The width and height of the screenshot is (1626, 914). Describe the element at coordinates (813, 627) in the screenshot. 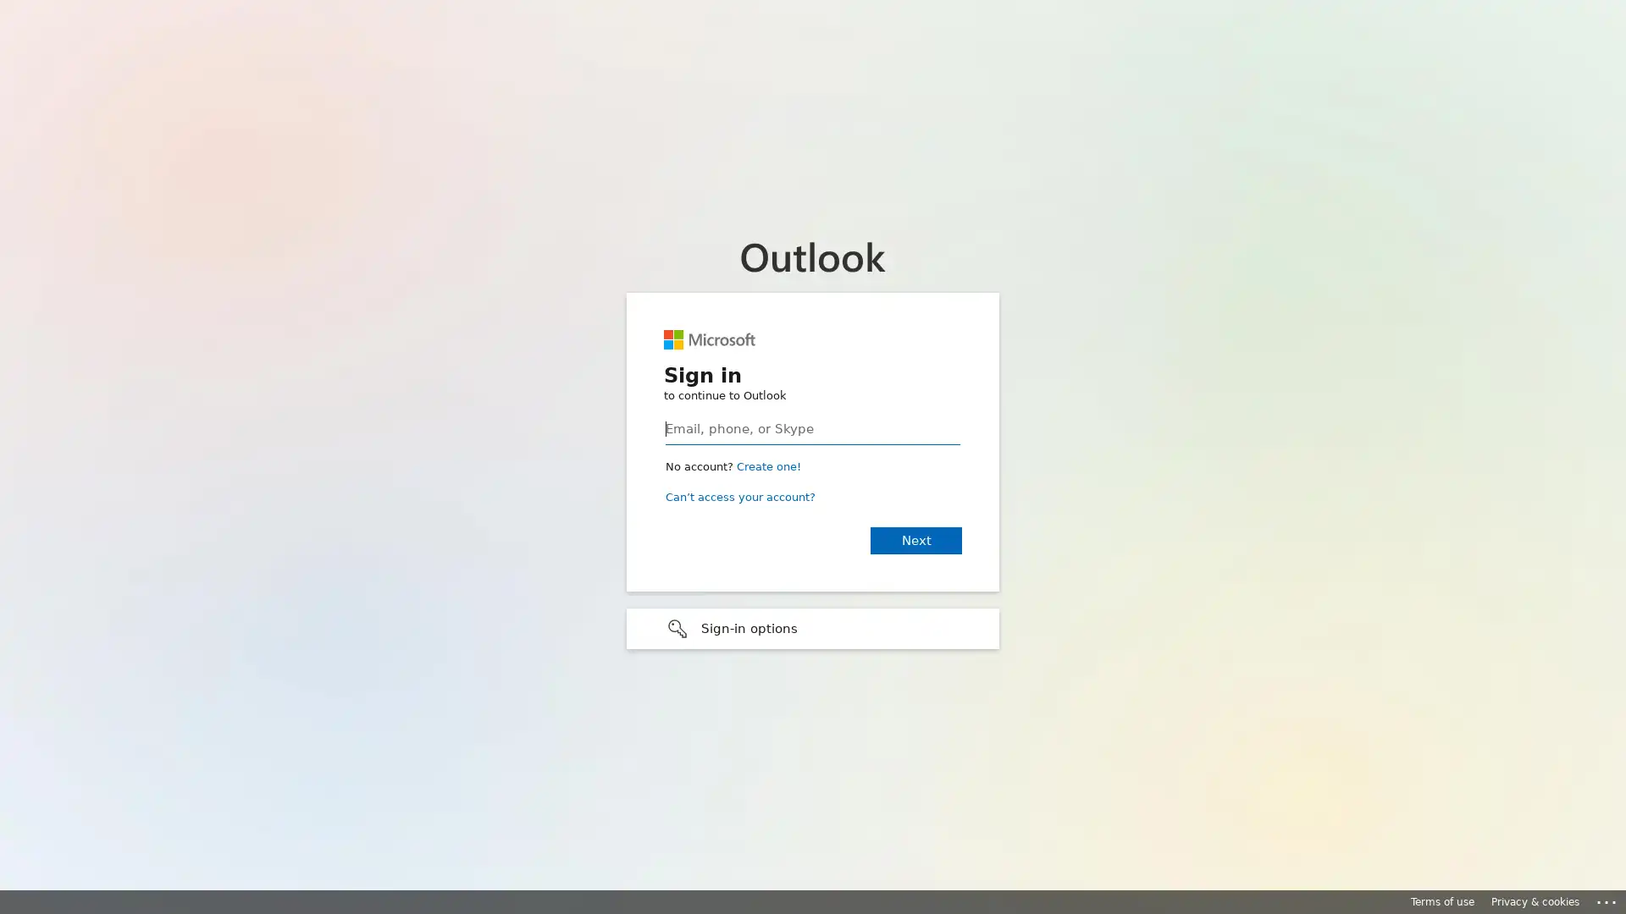

I see `Sign-in options` at that location.